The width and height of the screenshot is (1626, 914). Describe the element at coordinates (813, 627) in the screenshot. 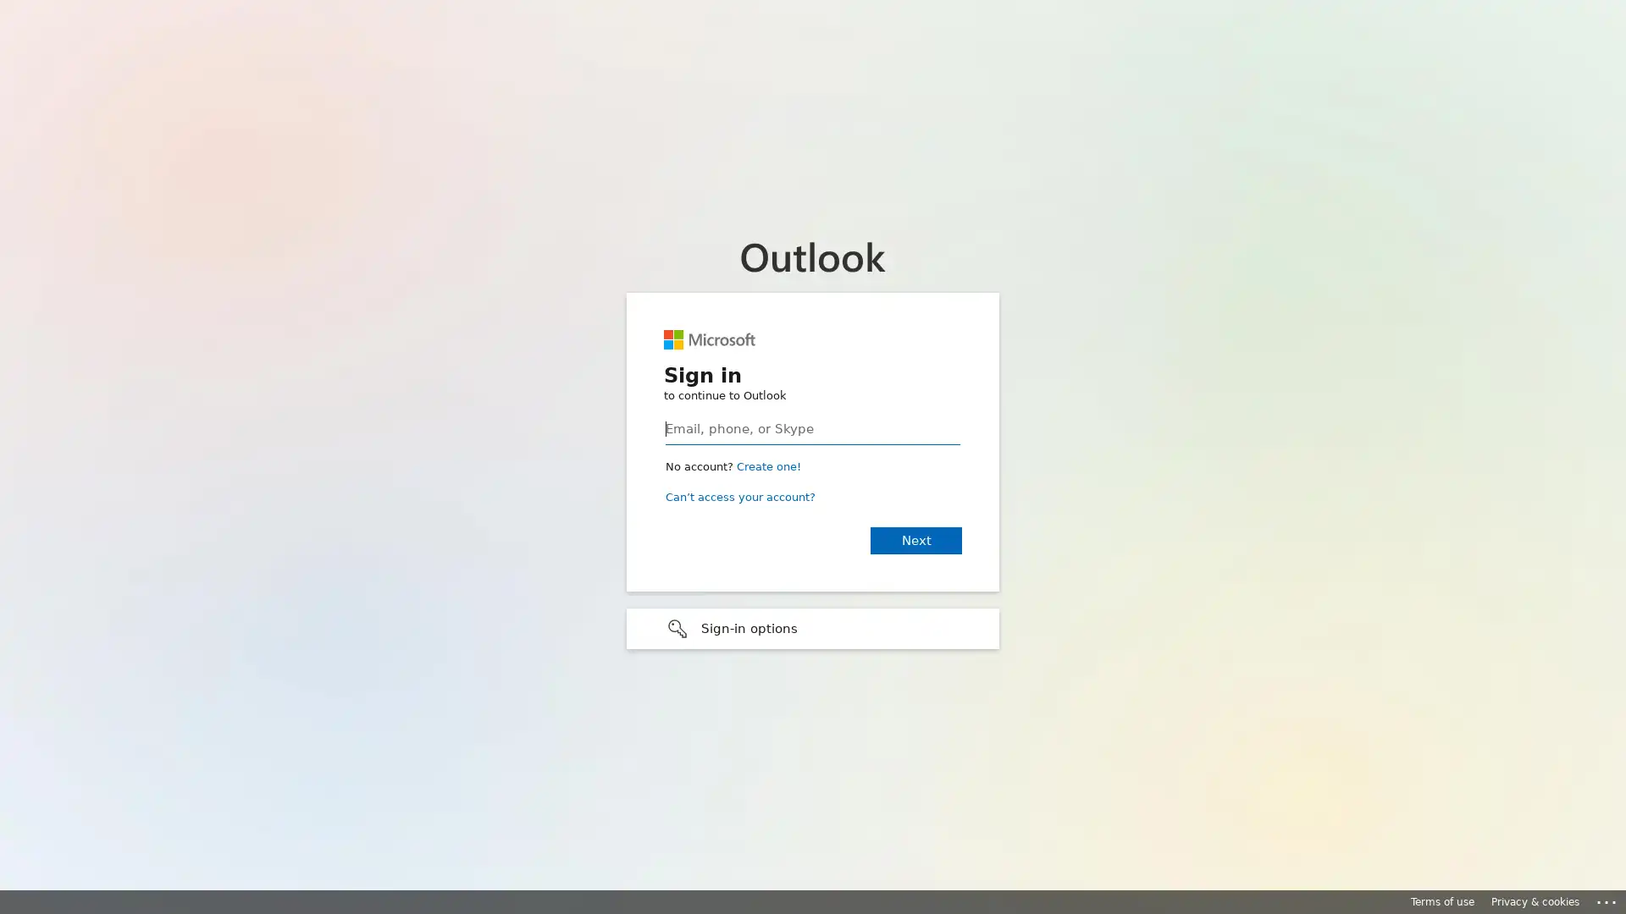

I see `Sign-in options` at that location.